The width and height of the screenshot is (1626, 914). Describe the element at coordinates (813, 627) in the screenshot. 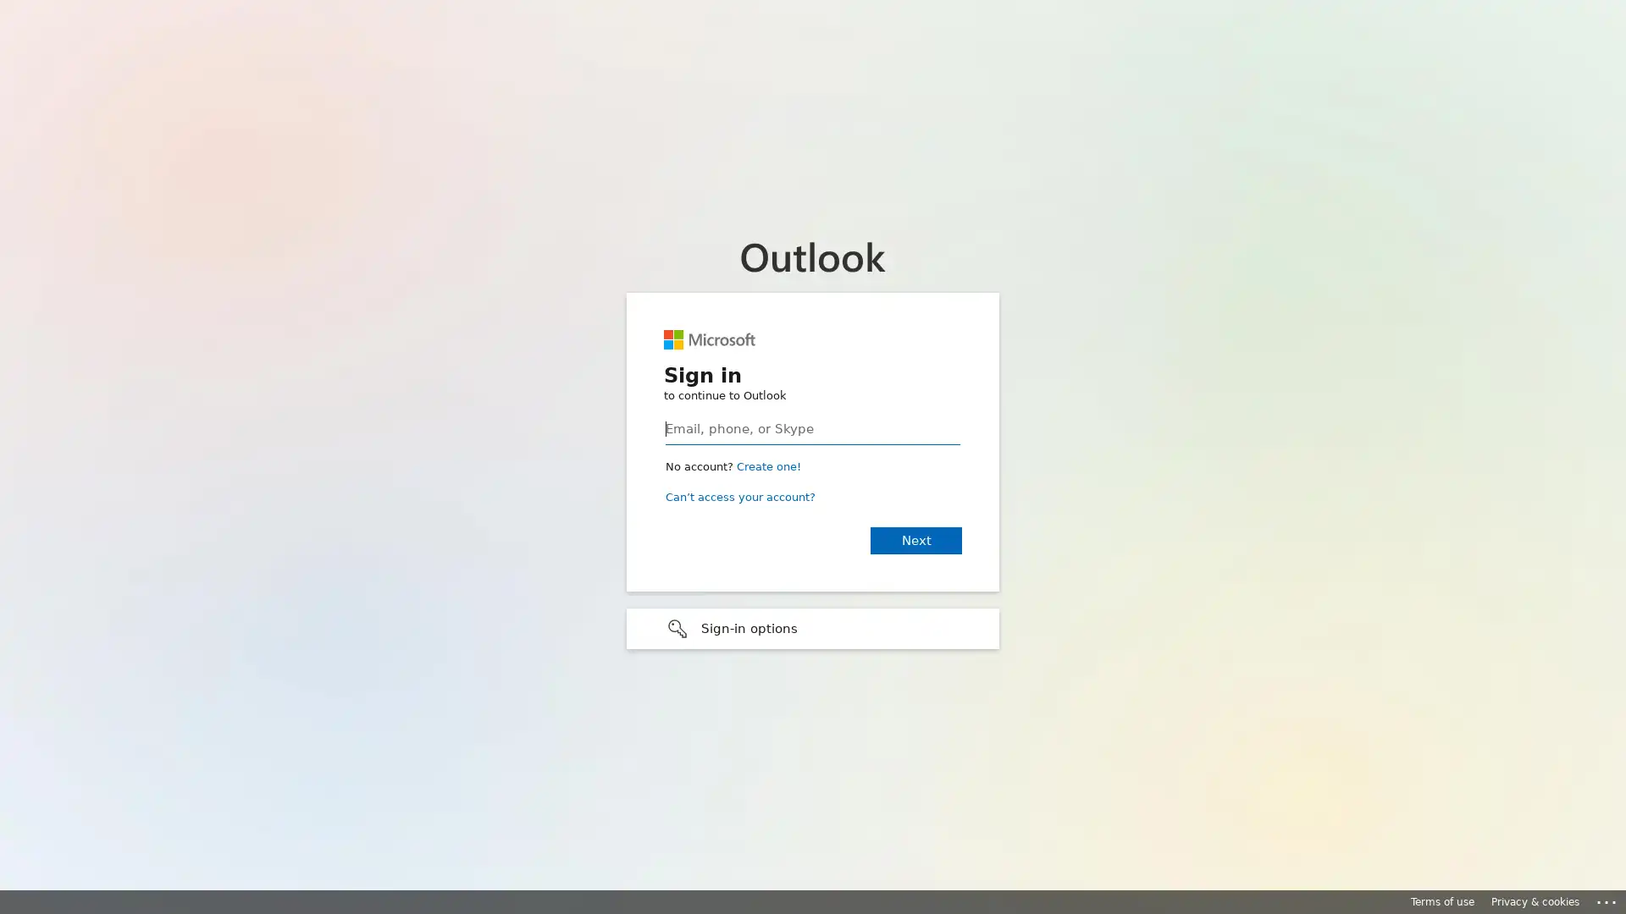

I see `Sign-in options` at that location.